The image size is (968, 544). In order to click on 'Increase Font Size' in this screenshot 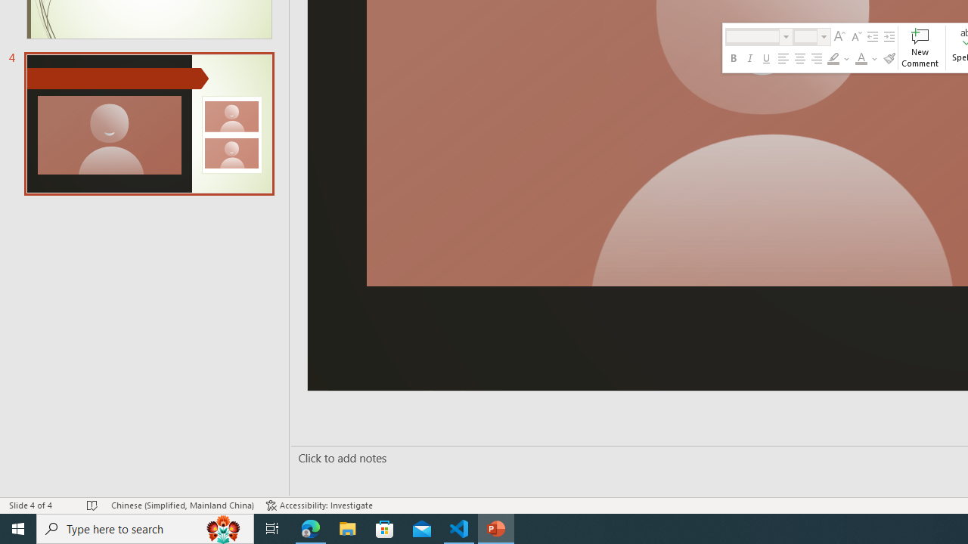, I will do `click(839, 36)`.